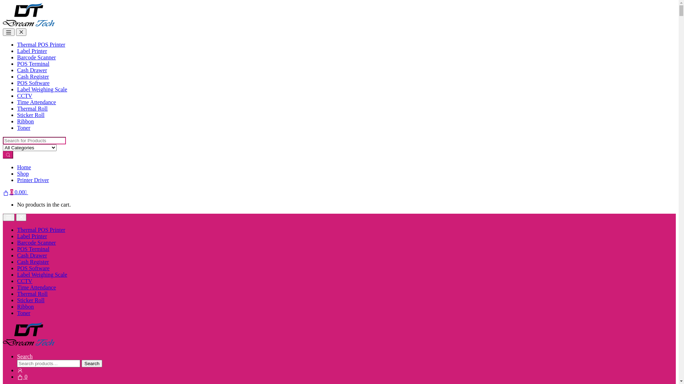  I want to click on 'Thermal Roll', so click(32, 108).